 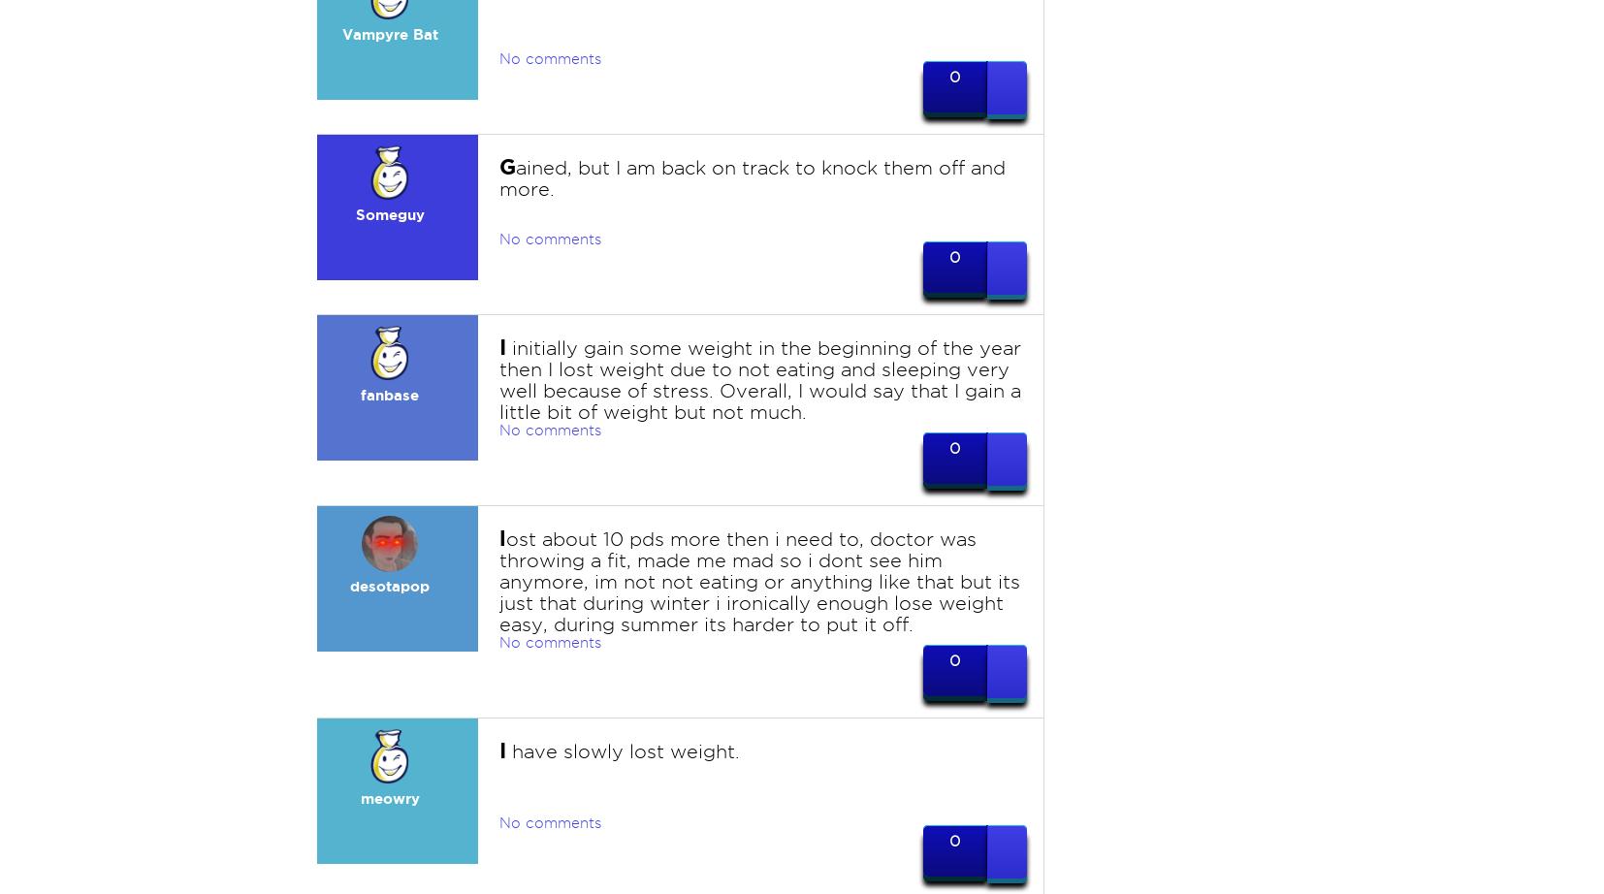 What do you see at coordinates (752, 178) in the screenshot?
I see `'ained, but I am back on track to knock them off and more.'` at bounding box center [752, 178].